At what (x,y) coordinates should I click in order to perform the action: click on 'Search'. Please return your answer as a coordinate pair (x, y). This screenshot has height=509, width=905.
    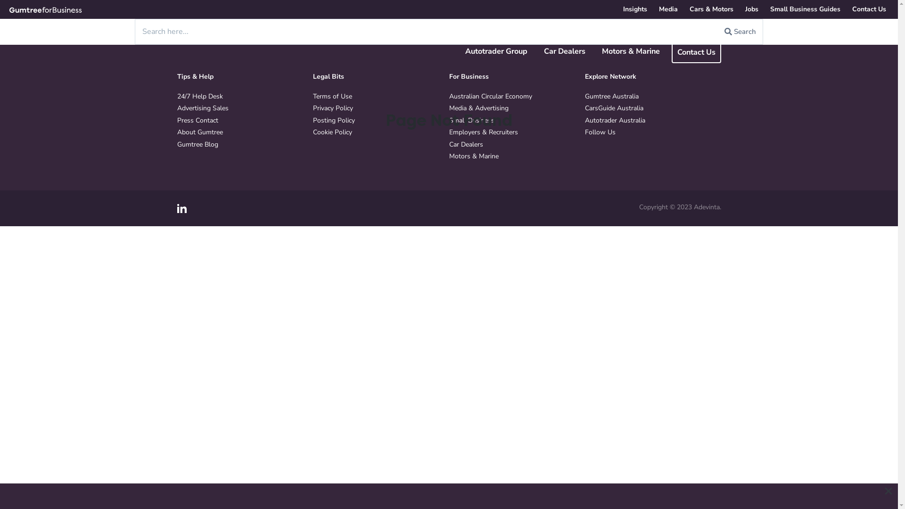
    Looking at the image, I should click on (740, 31).